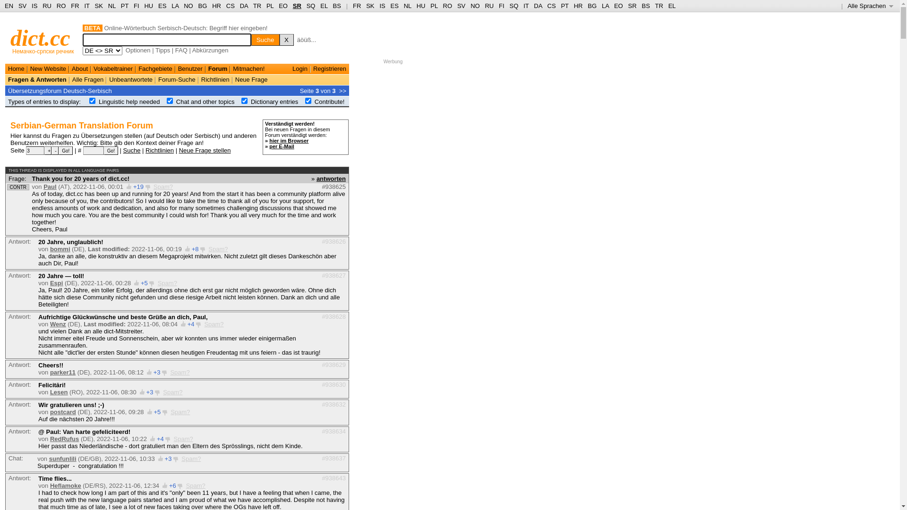 The height and width of the screenshot is (510, 907). Describe the element at coordinates (447, 6) in the screenshot. I see `'RO'` at that location.